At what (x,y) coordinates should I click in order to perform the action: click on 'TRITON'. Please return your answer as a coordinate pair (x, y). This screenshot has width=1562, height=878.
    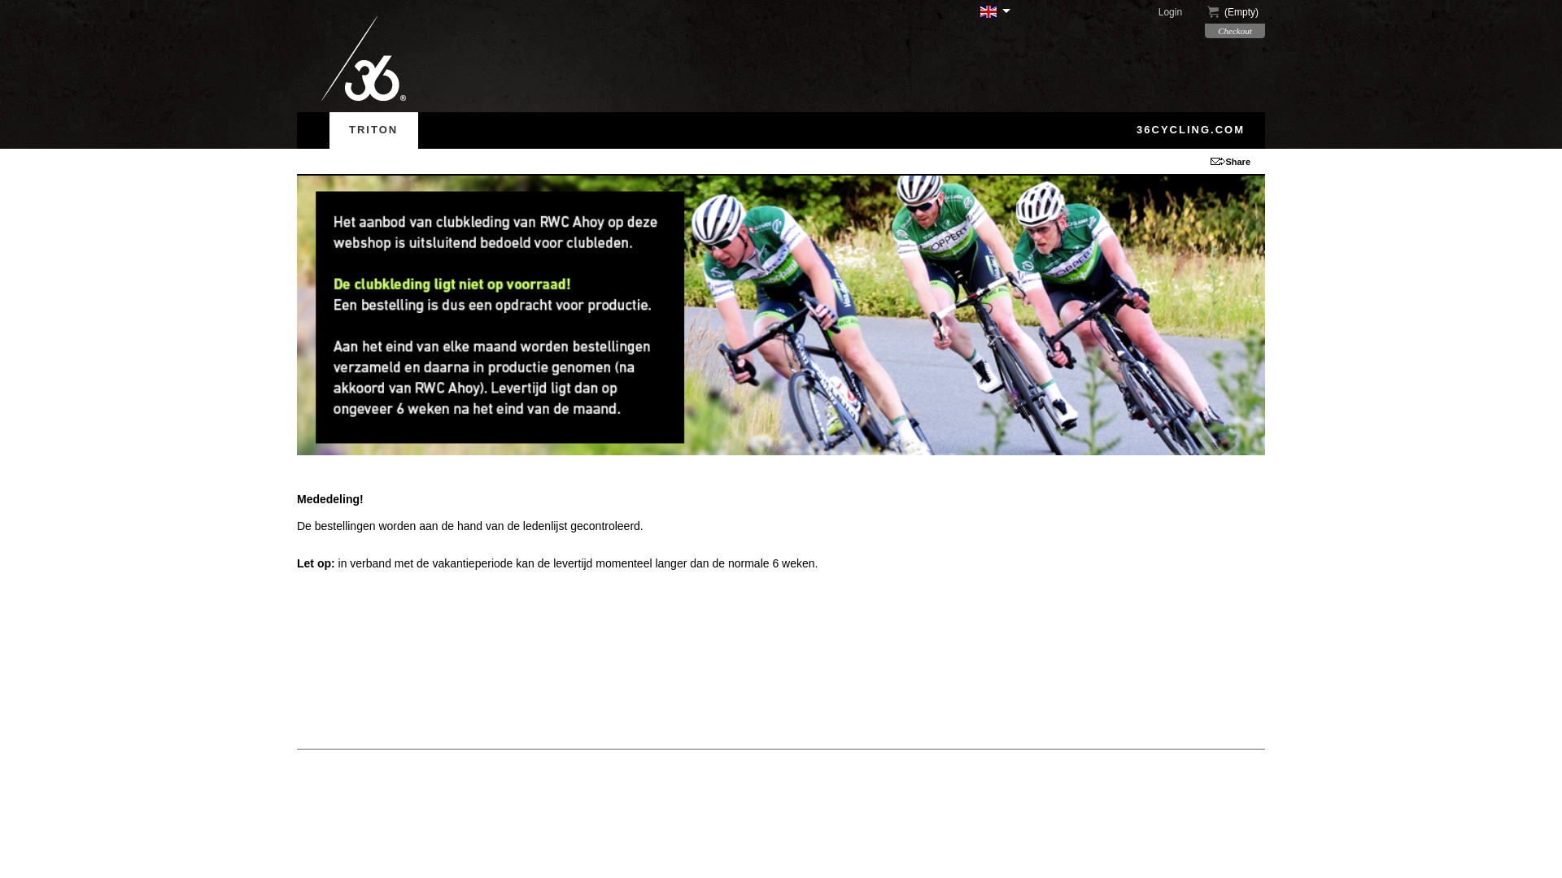
    Looking at the image, I should click on (373, 128).